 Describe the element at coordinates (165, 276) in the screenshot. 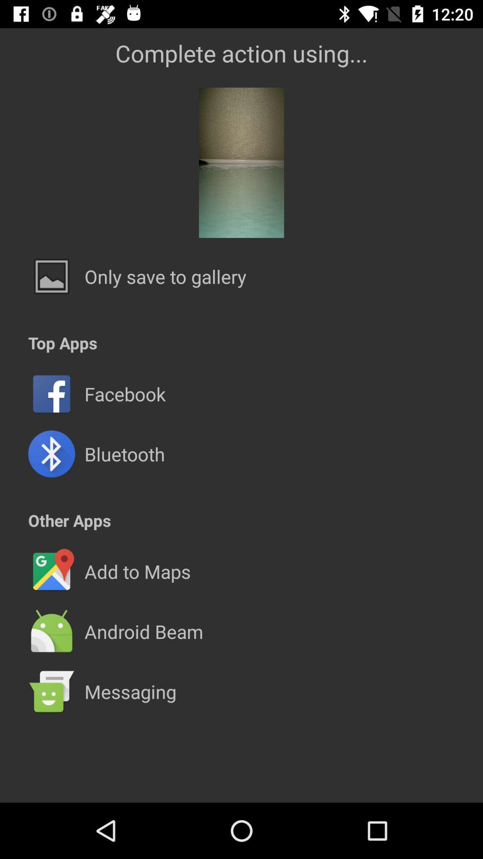

I see `the only save to app` at that location.